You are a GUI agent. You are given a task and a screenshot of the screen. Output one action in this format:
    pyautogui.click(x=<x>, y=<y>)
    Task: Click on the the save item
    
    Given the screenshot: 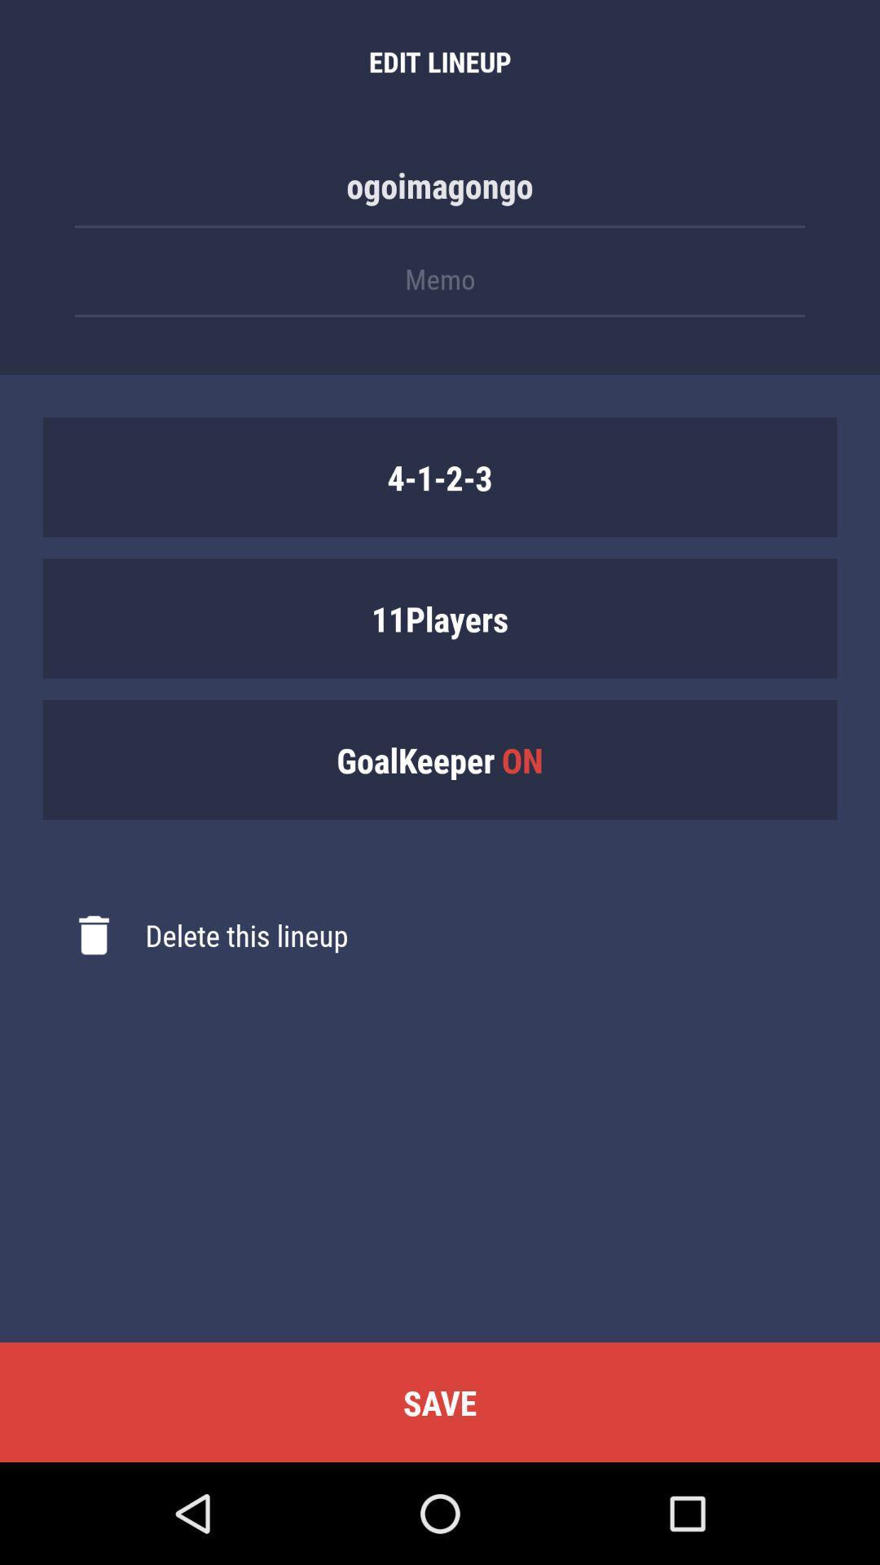 What is the action you would take?
    pyautogui.click(x=440, y=1401)
    